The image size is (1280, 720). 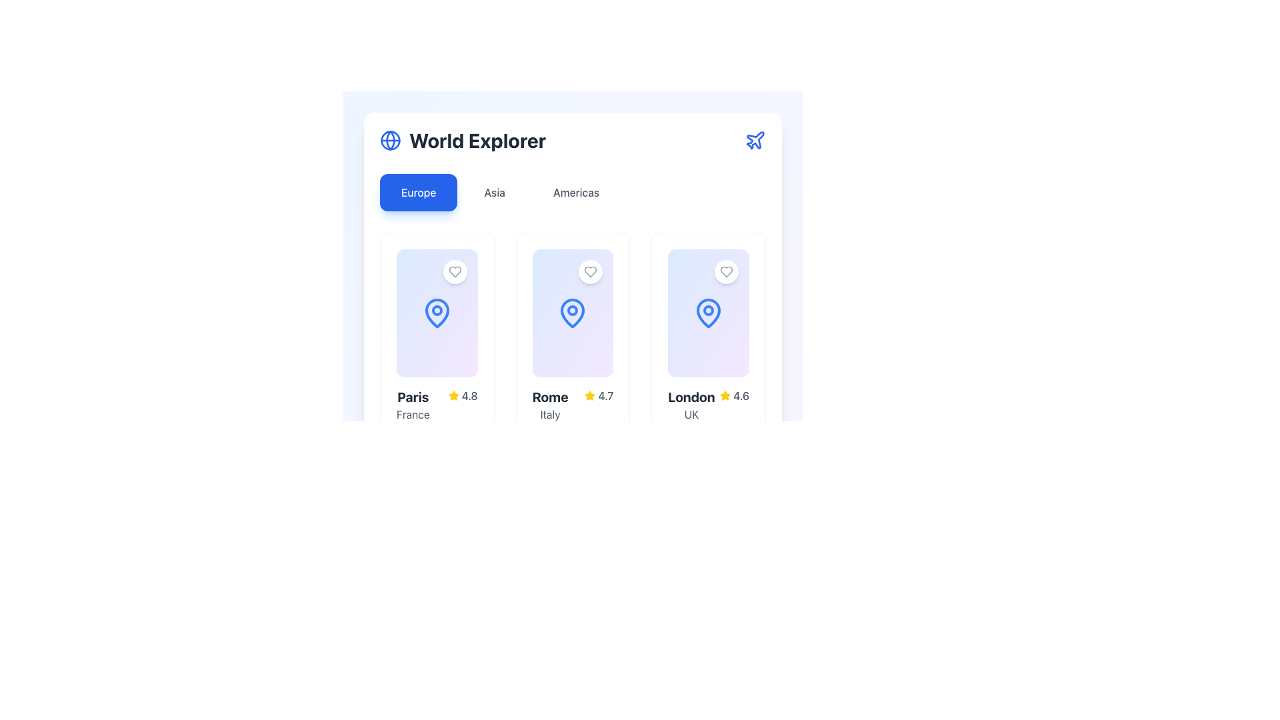 What do you see at coordinates (418, 193) in the screenshot?
I see `the leftmost button labeled 'Europe', which has a blue background and white bold text` at bounding box center [418, 193].